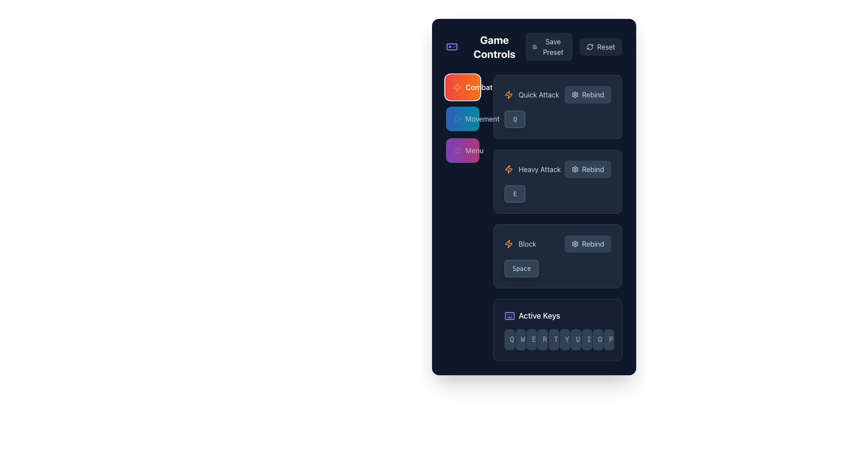 The height and width of the screenshot is (474, 843). What do you see at coordinates (509, 95) in the screenshot?
I see `the 'Quick Attack' icon located to the immediate left of the text 'Quick Attack'` at bounding box center [509, 95].